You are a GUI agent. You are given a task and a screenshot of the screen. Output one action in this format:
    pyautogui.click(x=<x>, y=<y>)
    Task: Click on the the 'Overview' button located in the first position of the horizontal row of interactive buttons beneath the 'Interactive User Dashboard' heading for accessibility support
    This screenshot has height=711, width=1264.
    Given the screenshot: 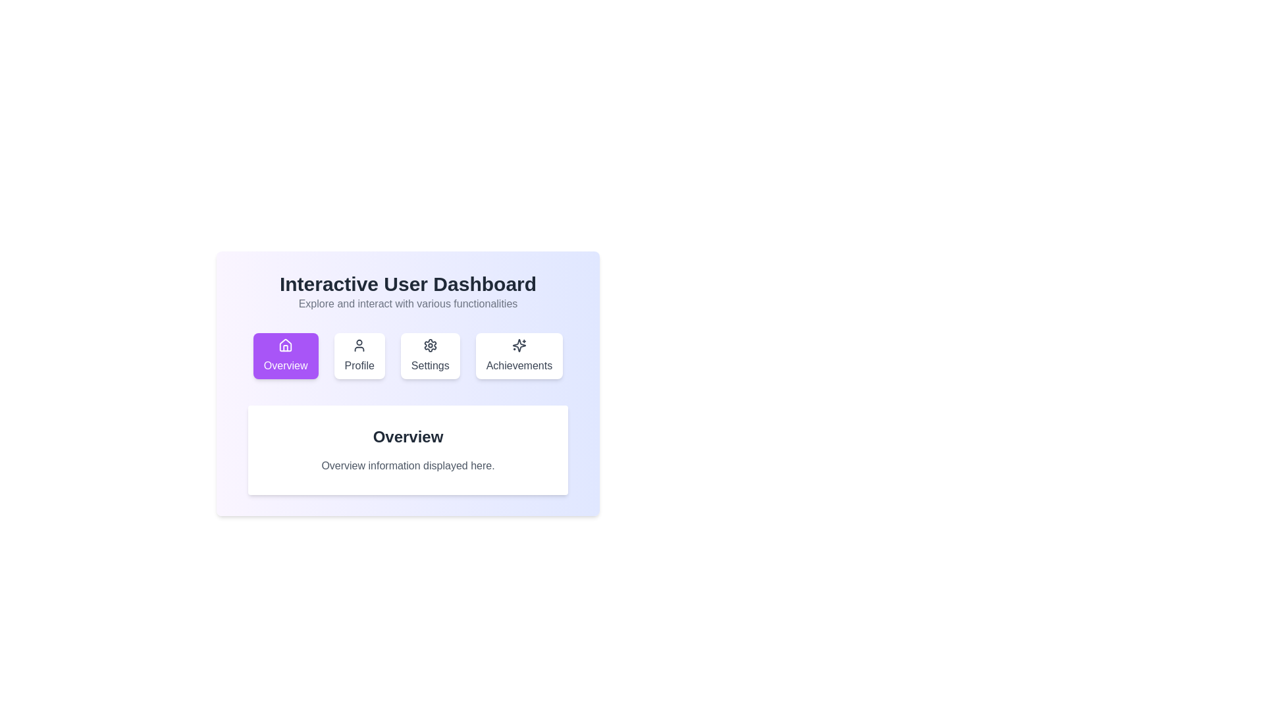 What is the action you would take?
    pyautogui.click(x=285, y=355)
    